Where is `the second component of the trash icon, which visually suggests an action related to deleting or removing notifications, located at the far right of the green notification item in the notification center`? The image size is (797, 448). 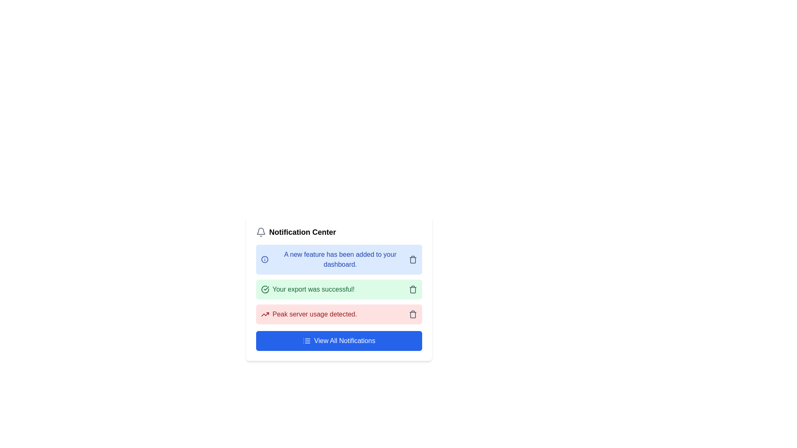 the second component of the trash icon, which visually suggests an action related to deleting or removing notifications, located at the far right of the green notification item in the notification center is located at coordinates (413, 290).